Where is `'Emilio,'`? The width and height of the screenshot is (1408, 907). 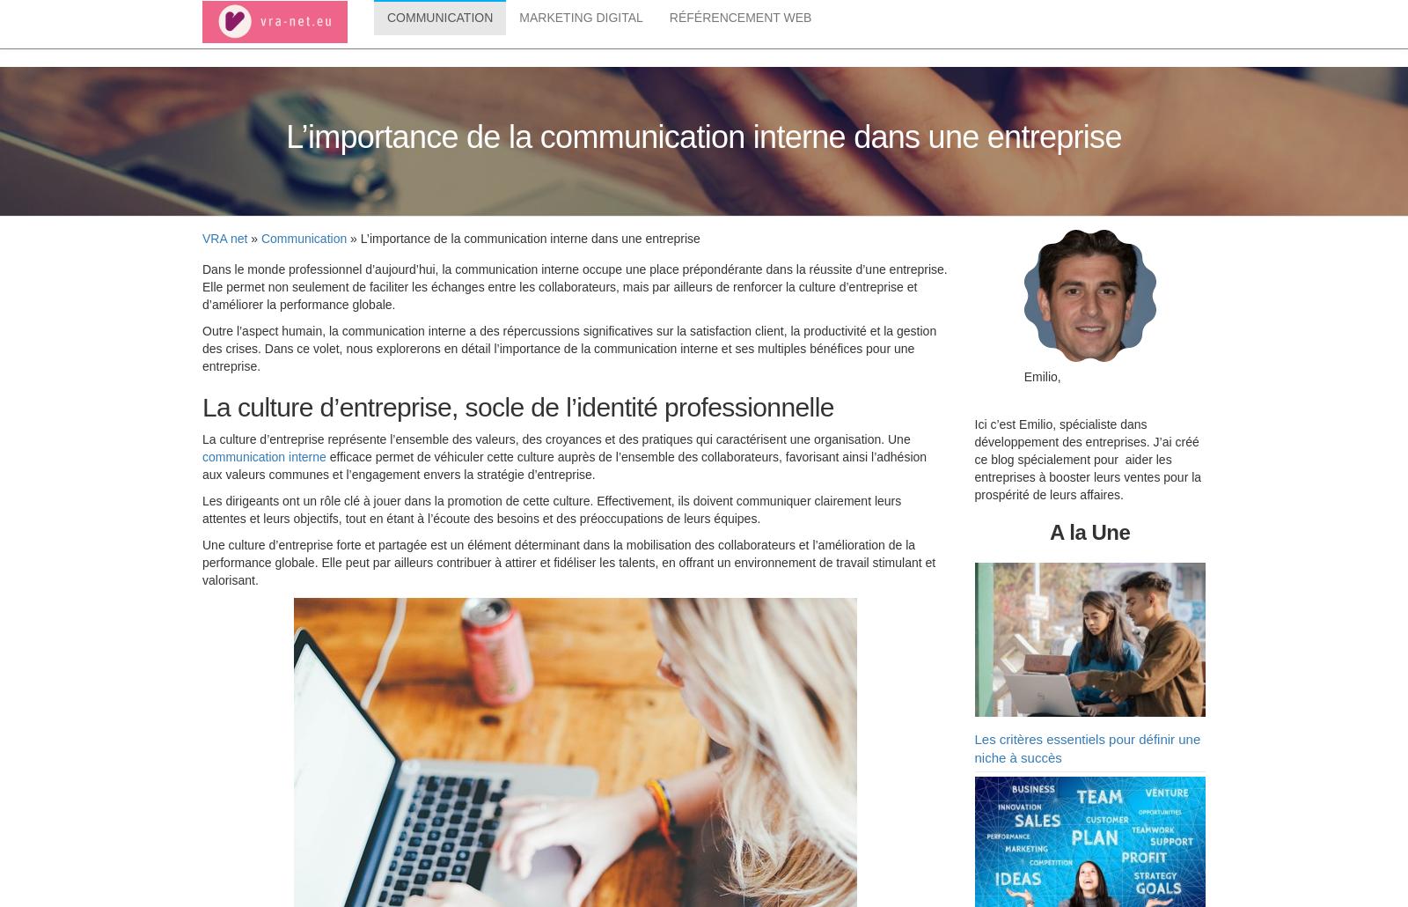
'Emilio,' is located at coordinates (1042, 379).